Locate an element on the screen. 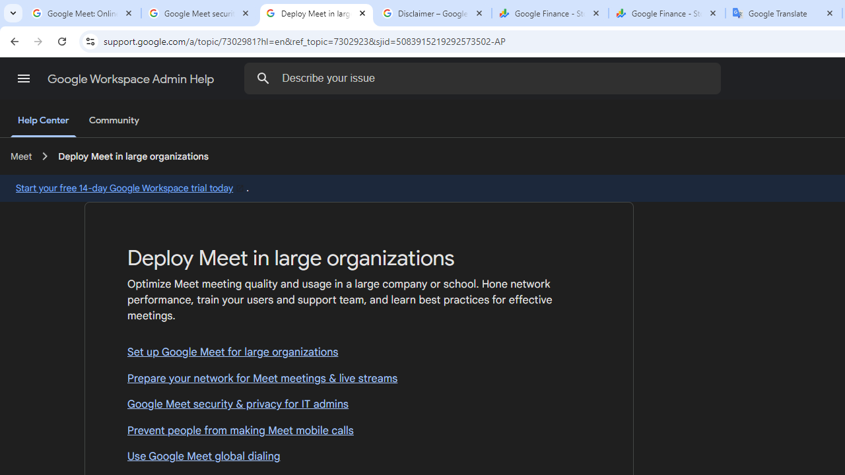  'Help Center' is located at coordinates (43, 121).